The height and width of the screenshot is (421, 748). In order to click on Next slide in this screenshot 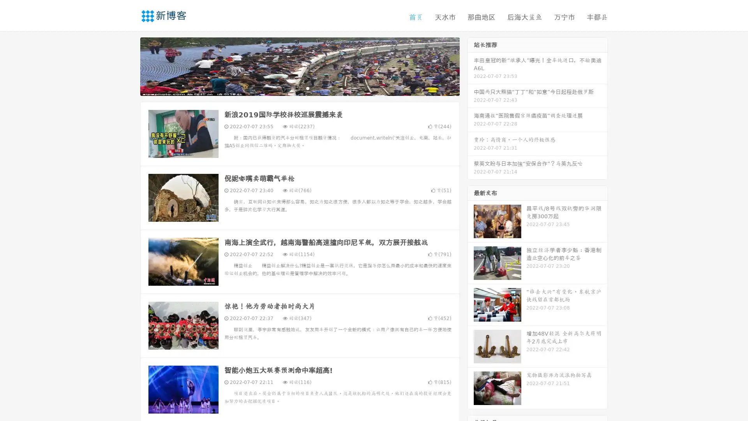, I will do `click(471, 65)`.